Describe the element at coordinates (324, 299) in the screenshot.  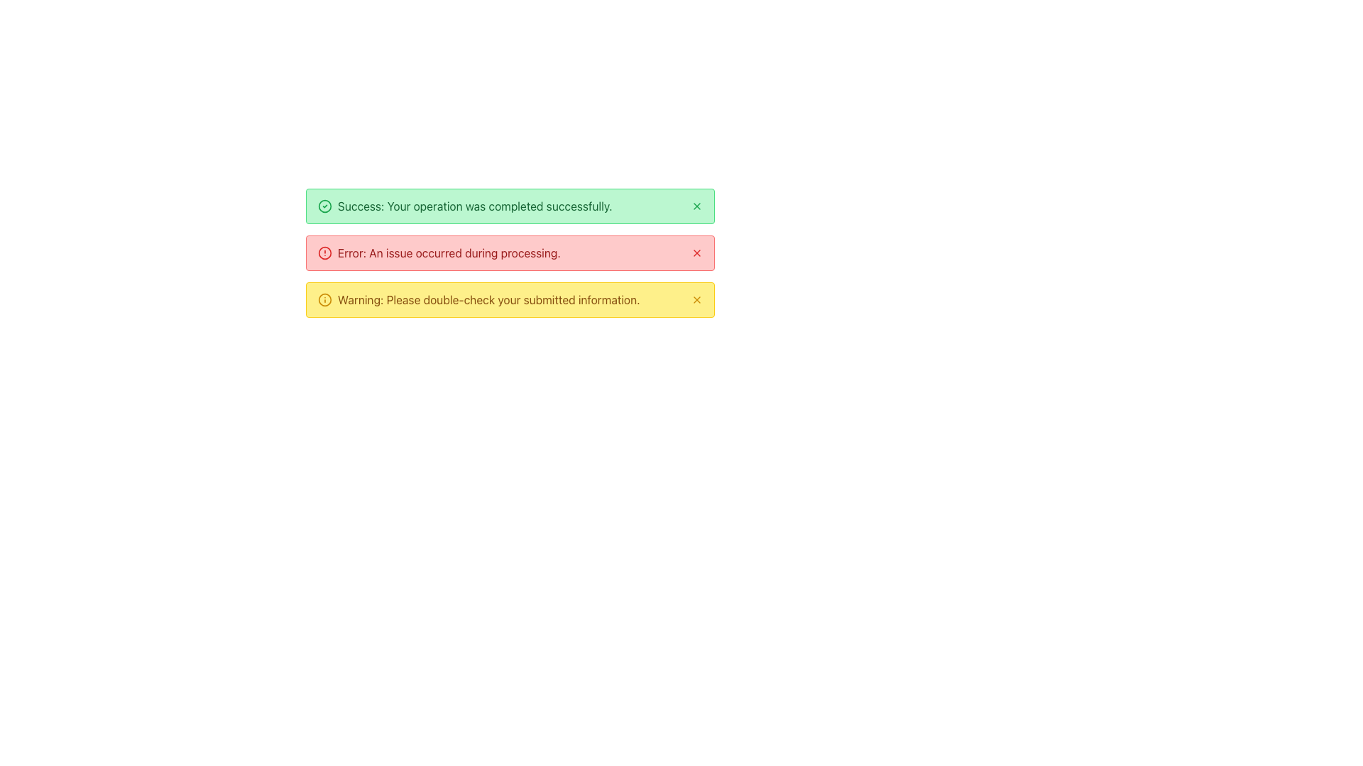
I see `the information icon, which is a circular outline with an inner 'i' figure styled in yellow, located at the far left of the warning message bar that reads, 'Warning: Please double-check your submitted information.'` at that location.